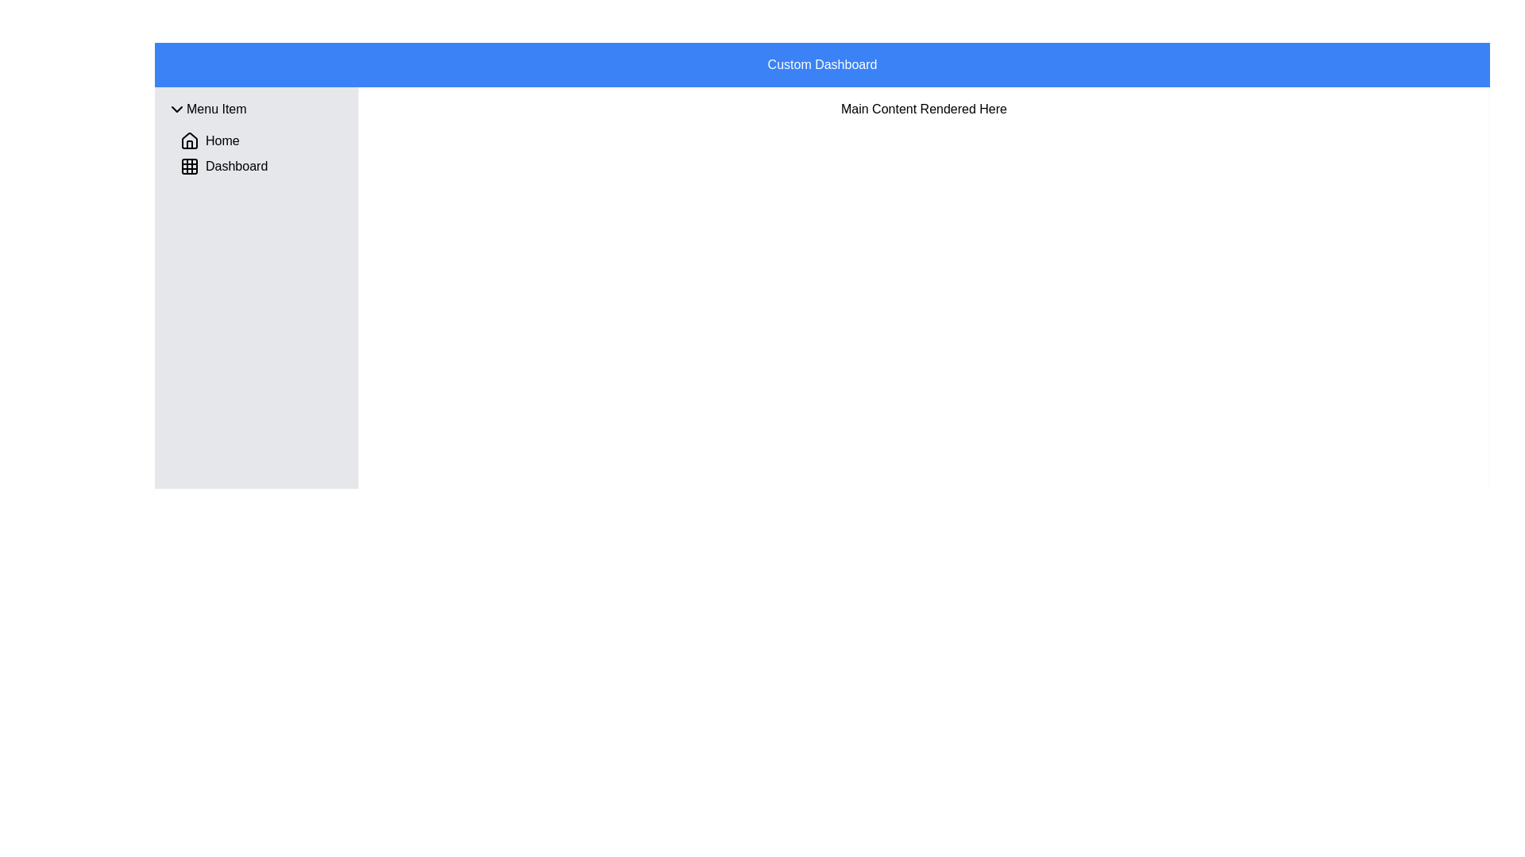  I want to click on the 'Menu Item' text label located in the left navigation panel, so click(215, 109).